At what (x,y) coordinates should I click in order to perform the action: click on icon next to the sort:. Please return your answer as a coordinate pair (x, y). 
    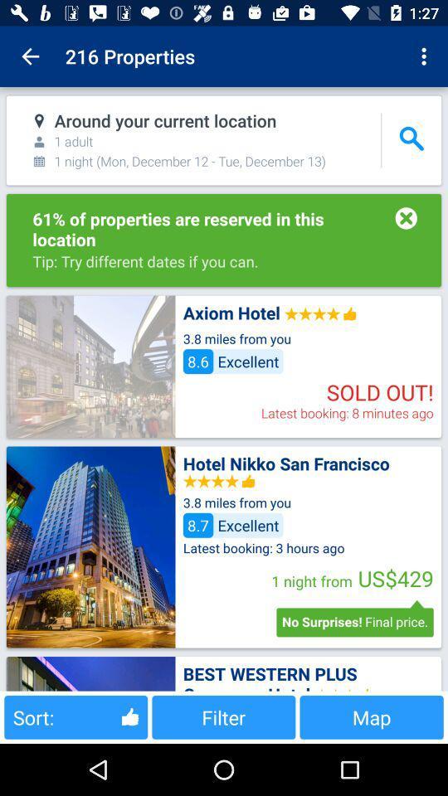
    Looking at the image, I should click on (223, 716).